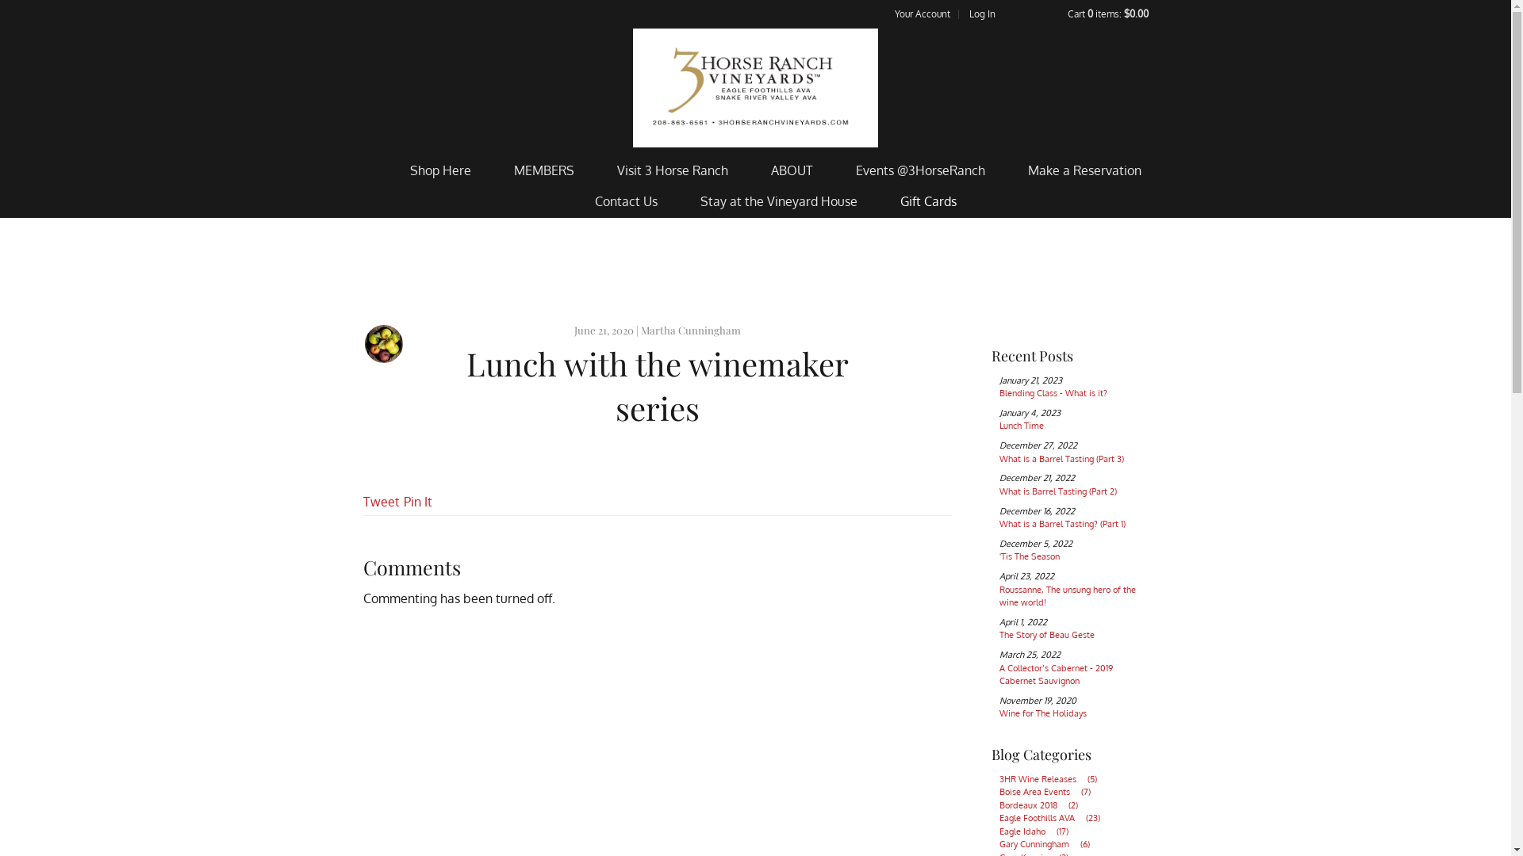 The height and width of the screenshot is (856, 1523). Describe the element at coordinates (381, 501) in the screenshot. I see `'Tweet'` at that location.